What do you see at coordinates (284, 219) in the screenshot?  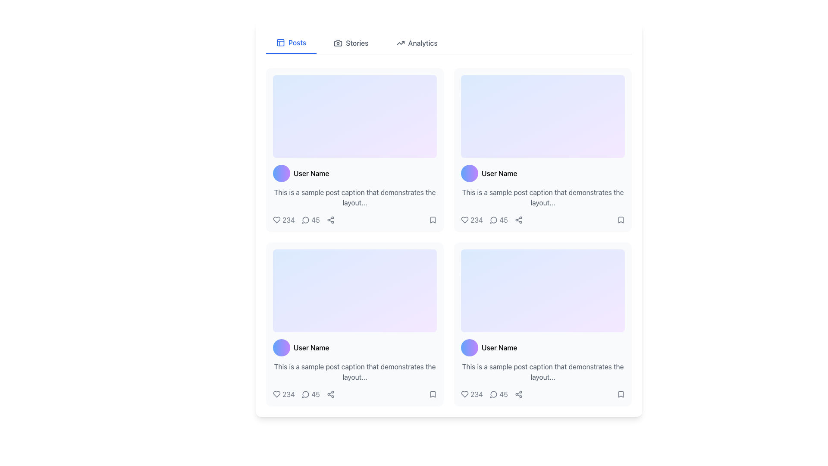 I see `the heart icon with the number '234'` at bounding box center [284, 219].